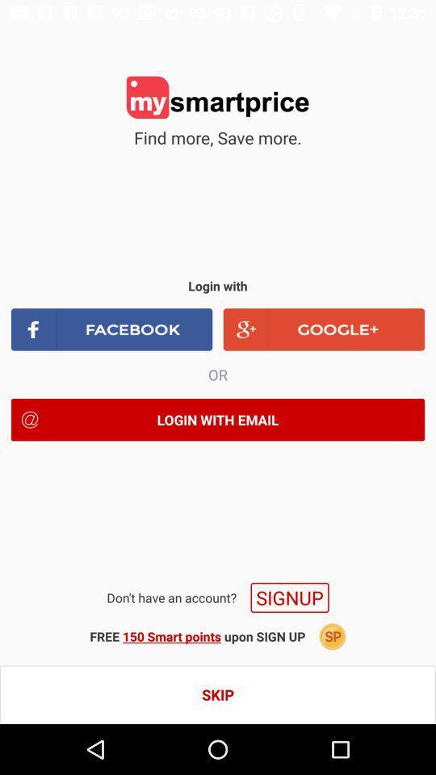 This screenshot has width=436, height=775. What do you see at coordinates (197, 636) in the screenshot?
I see `free 150 smart` at bounding box center [197, 636].